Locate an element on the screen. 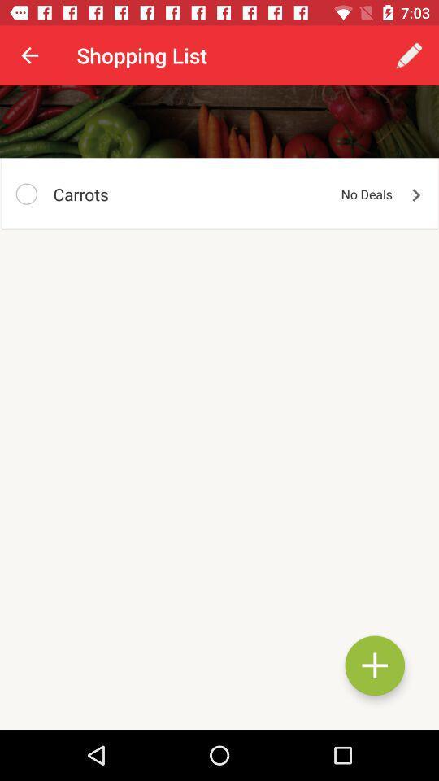 The height and width of the screenshot is (781, 439). carrots is located at coordinates (25, 194).